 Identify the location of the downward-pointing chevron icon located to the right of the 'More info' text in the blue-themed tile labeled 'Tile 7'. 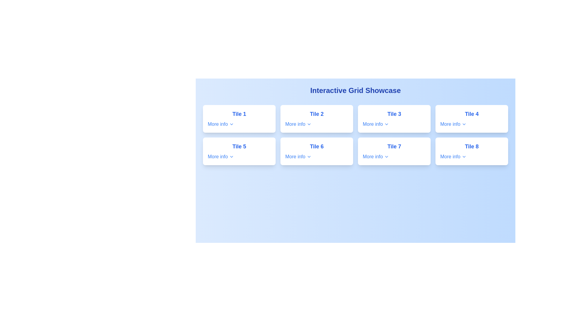
(386, 156).